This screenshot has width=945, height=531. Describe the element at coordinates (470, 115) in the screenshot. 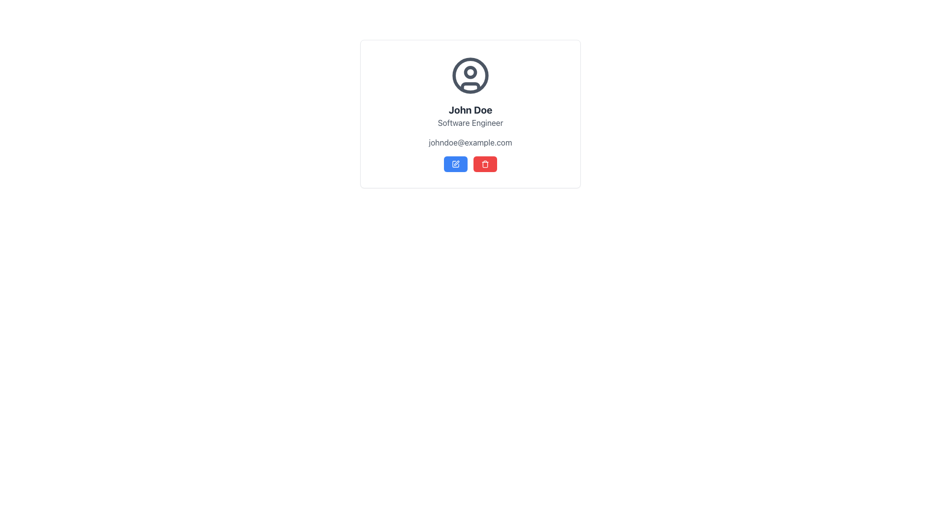

I see `the text block that serves as the title and role information of a specific user, located in the middle of the page below the user's circular icon` at that location.